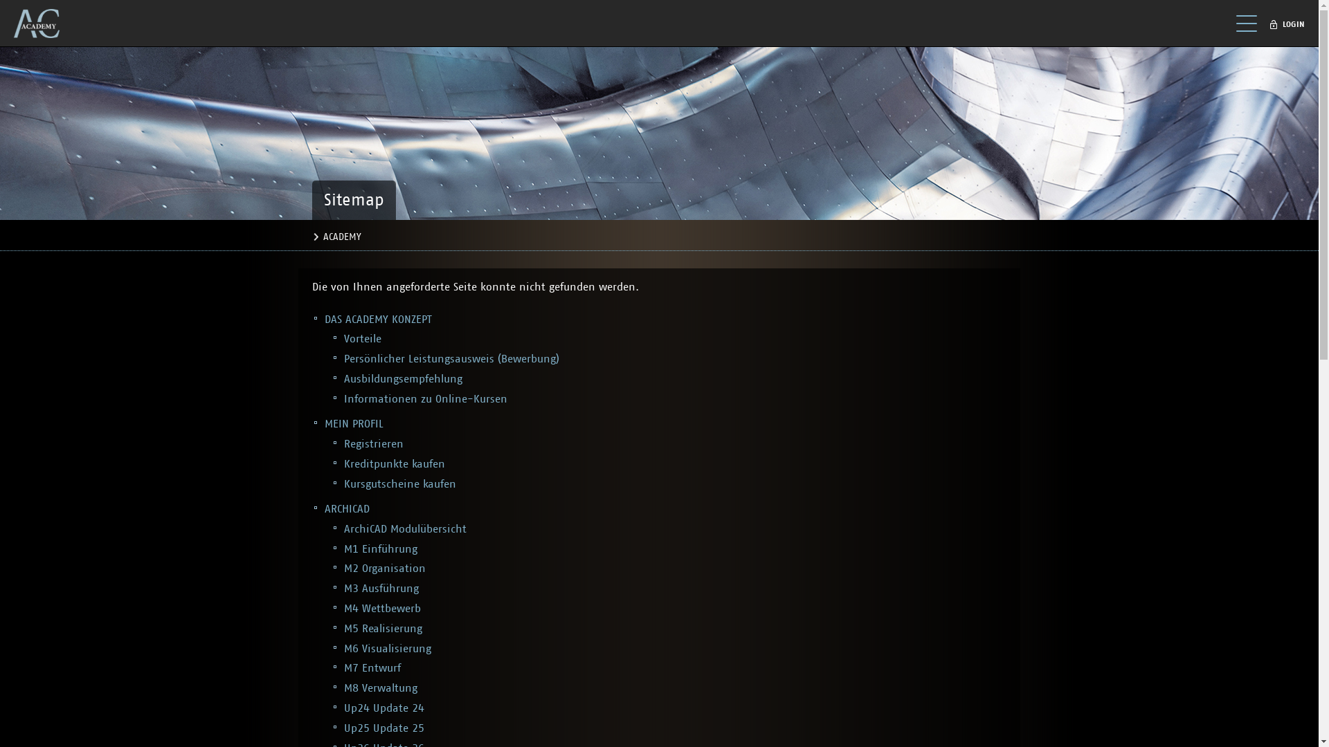 The width and height of the screenshot is (1329, 747). I want to click on 'M2 Organisation', so click(385, 568).